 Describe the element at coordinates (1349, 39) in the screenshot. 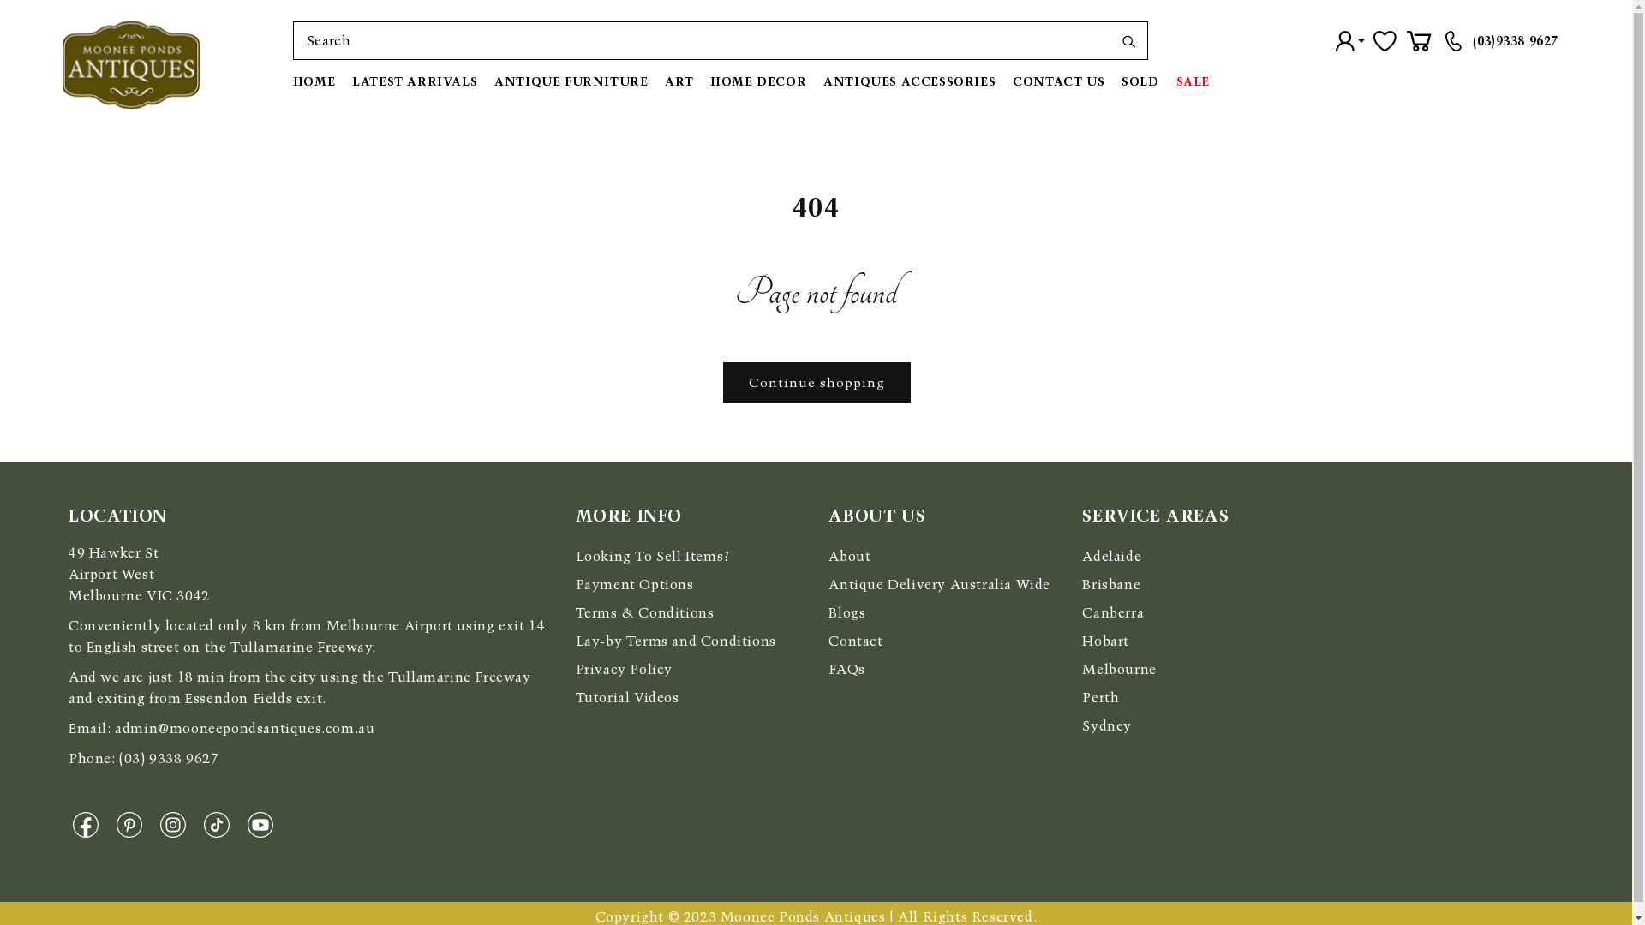

I see `'Log in'` at that location.